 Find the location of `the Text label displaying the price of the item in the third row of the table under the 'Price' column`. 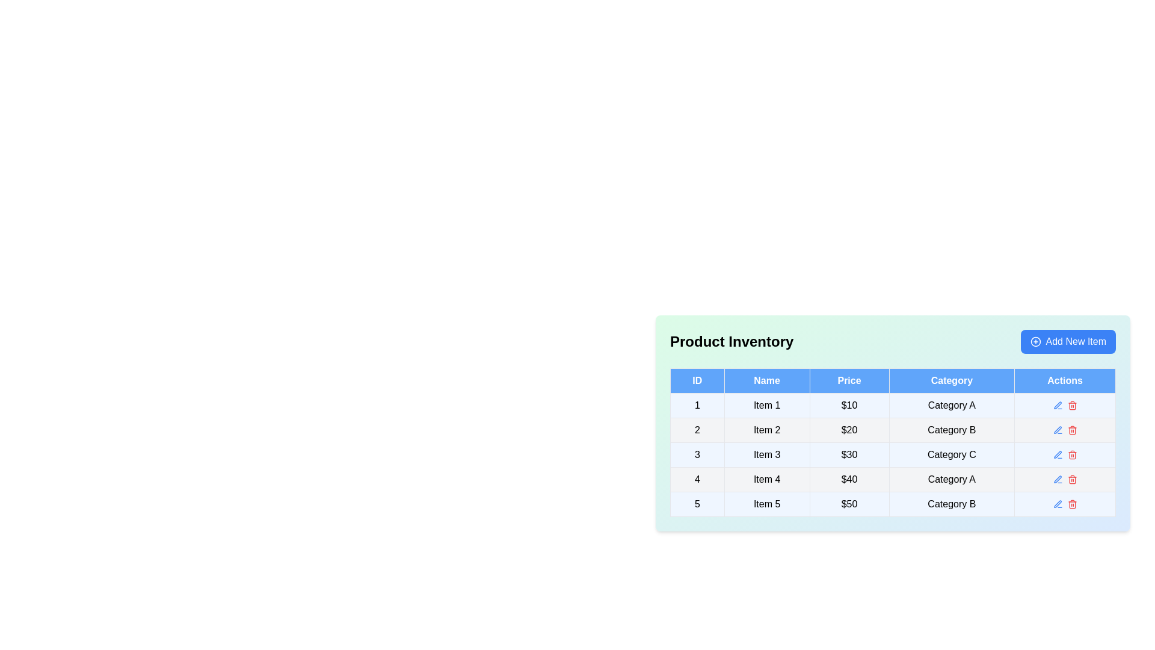

the Text label displaying the price of the item in the third row of the table under the 'Price' column is located at coordinates (848, 455).